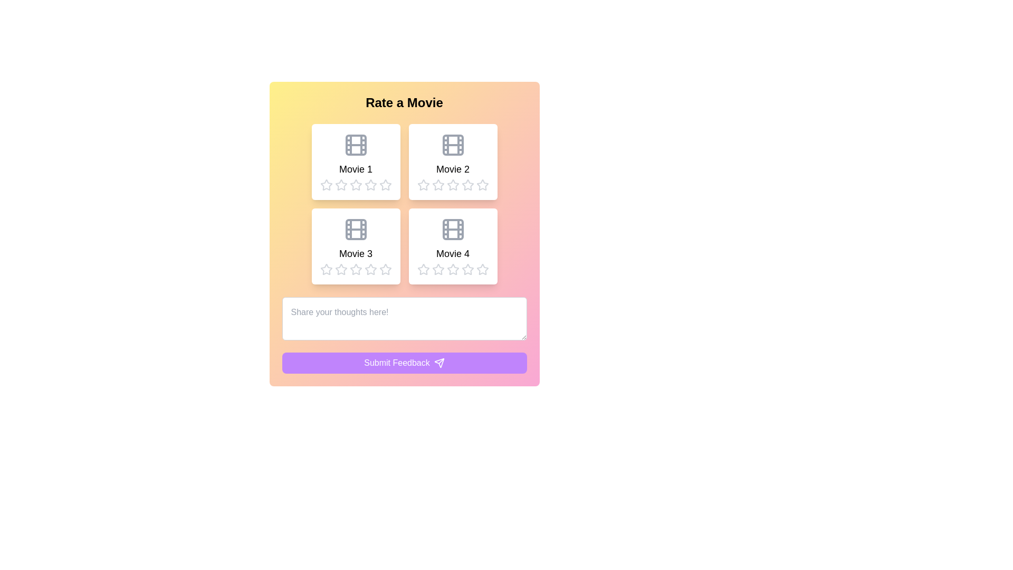 The height and width of the screenshot is (570, 1013). I want to click on the fourth rating star icon for 'Movie 3', so click(356, 269).